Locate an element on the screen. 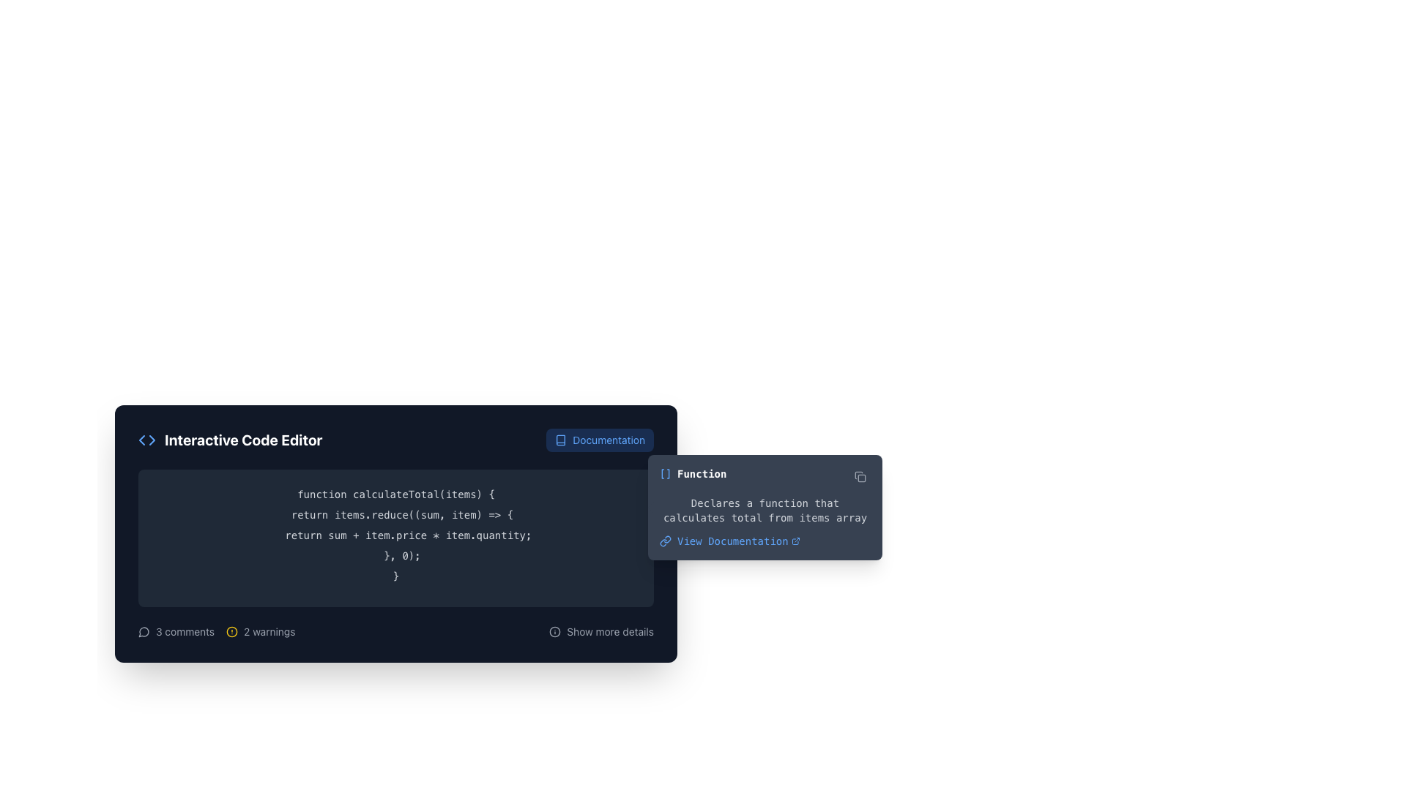 The height and width of the screenshot is (790, 1406). the 'View Documentation' link in the Informative tooltip adjacent to 'function calculateTotal(items)' is located at coordinates (765, 507).